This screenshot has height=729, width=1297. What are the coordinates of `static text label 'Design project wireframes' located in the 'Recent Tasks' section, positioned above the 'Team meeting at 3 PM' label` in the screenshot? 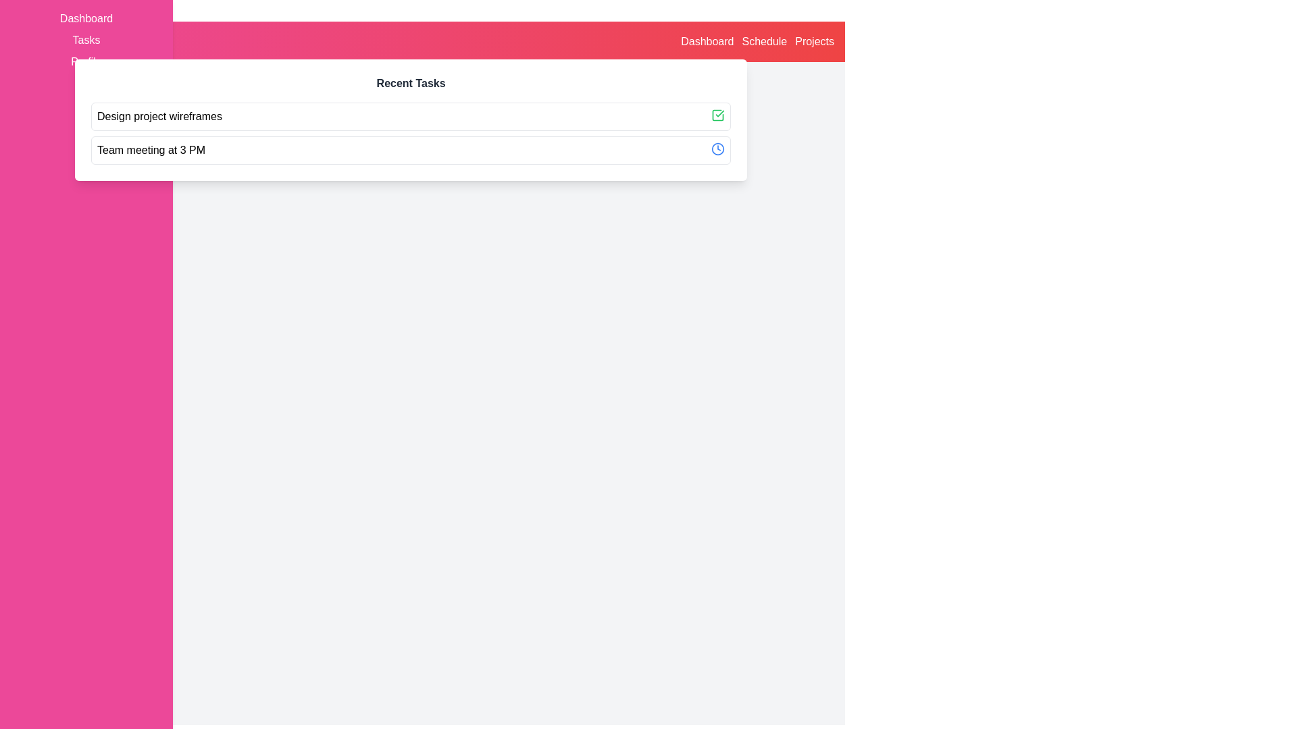 It's located at (159, 116).